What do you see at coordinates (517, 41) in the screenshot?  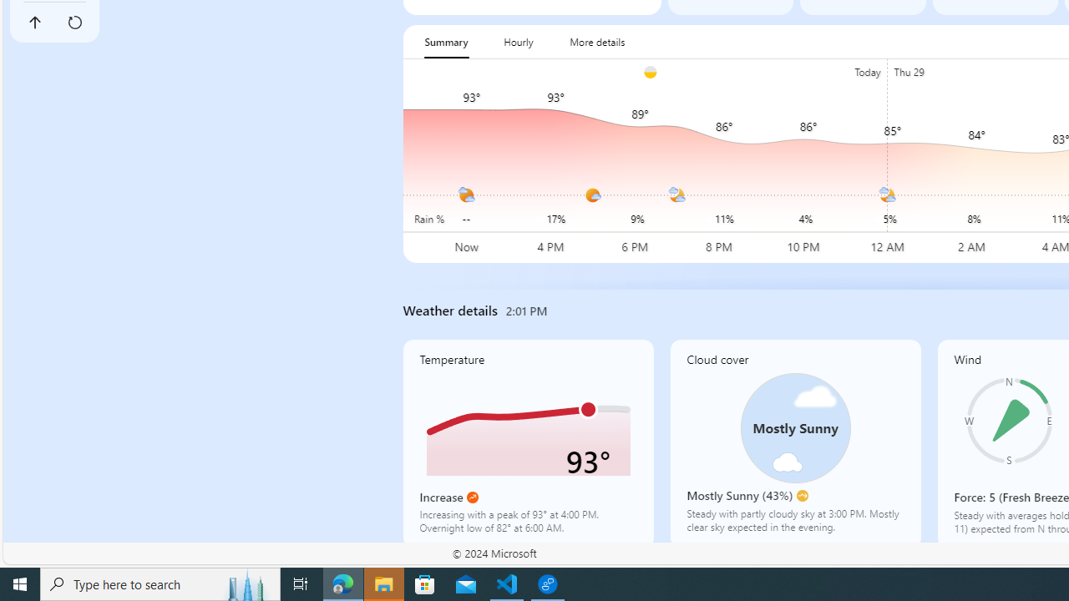 I see `'Hourly'` at bounding box center [517, 41].